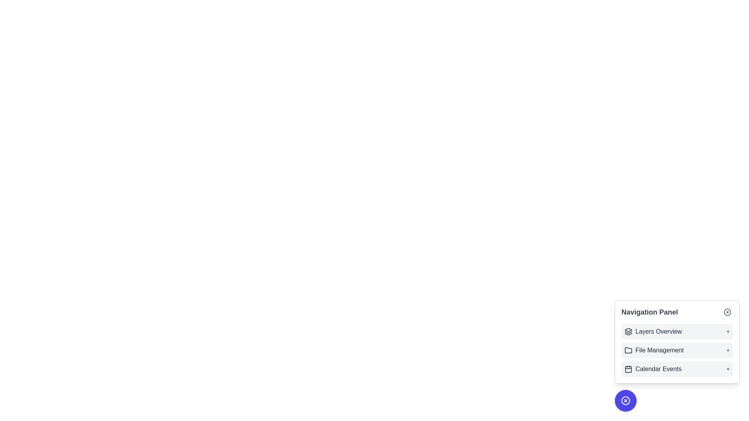  I want to click on the decorative icon representing the 'File Management' feature in the navigation panel, located to the immediate left of the text 'File Management', so click(628, 350).